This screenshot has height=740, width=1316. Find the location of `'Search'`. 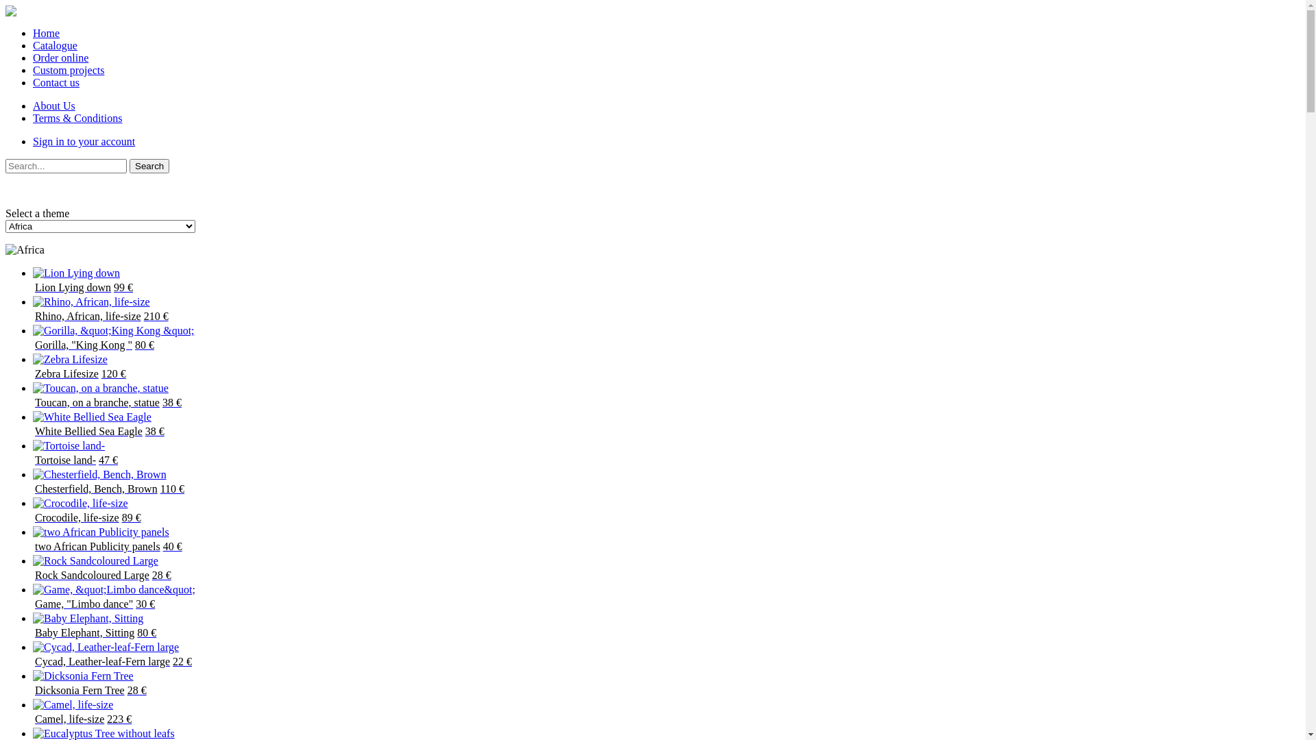

'Search' is located at coordinates (149, 165).